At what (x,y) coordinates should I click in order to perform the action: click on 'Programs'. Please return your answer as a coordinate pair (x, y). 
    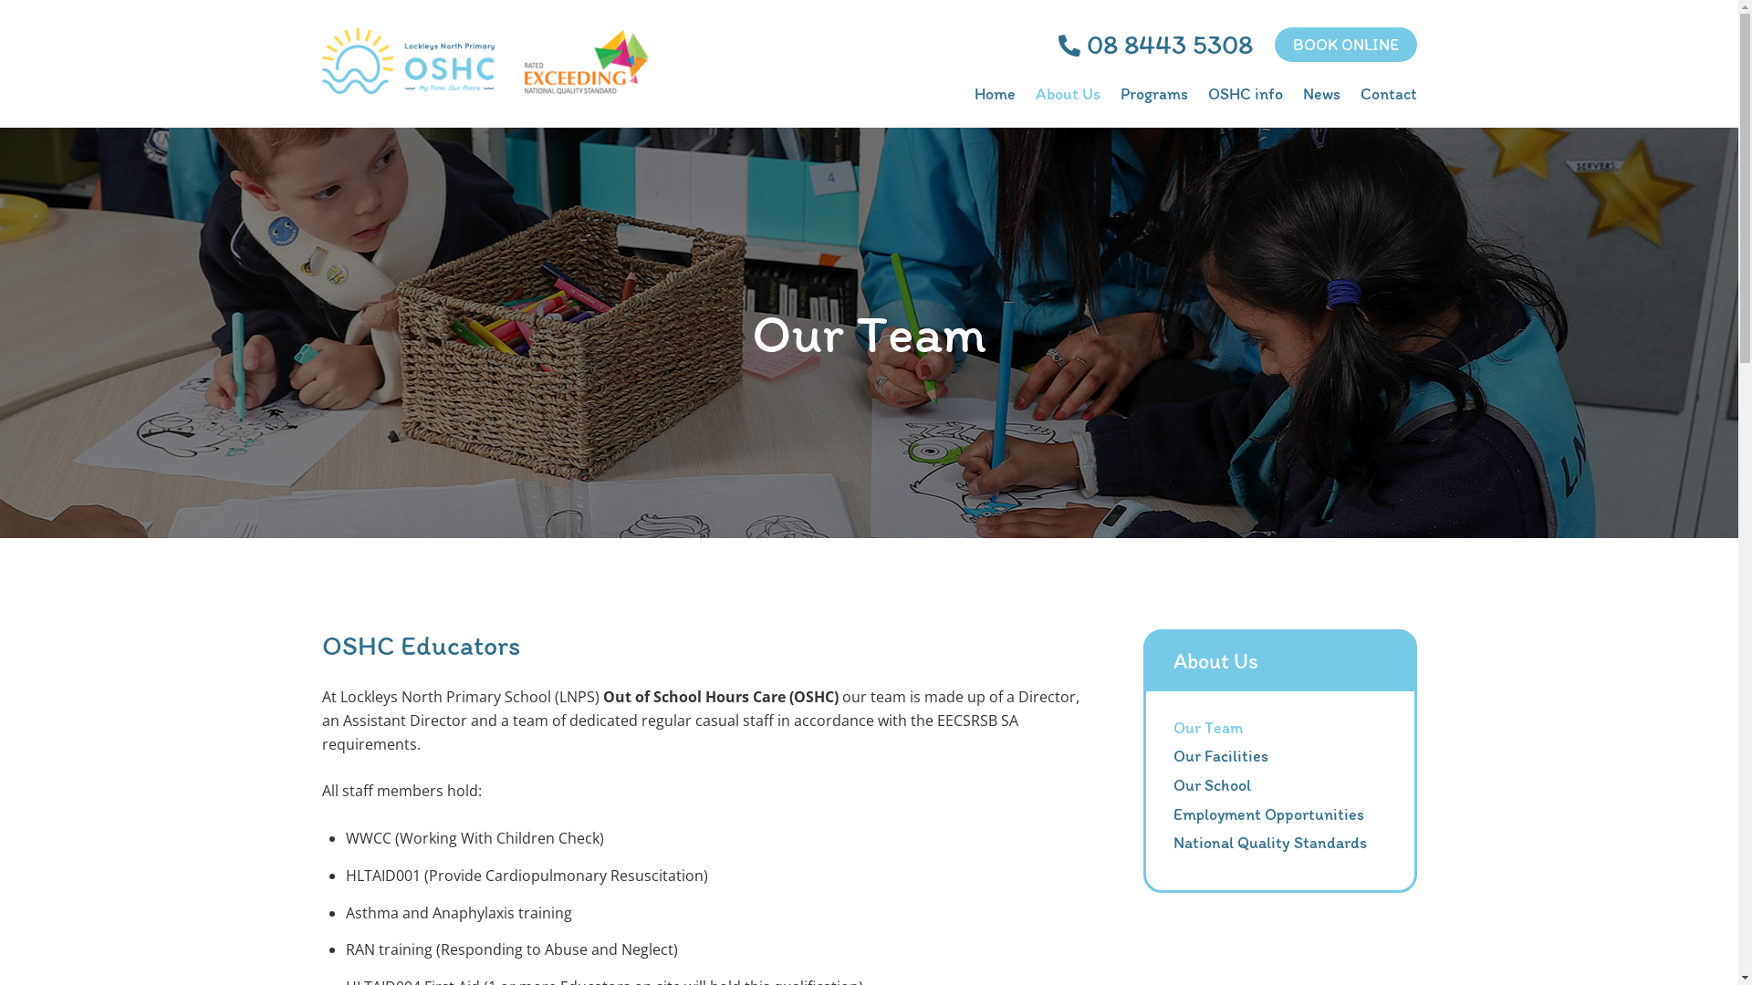
    Looking at the image, I should click on (1153, 95).